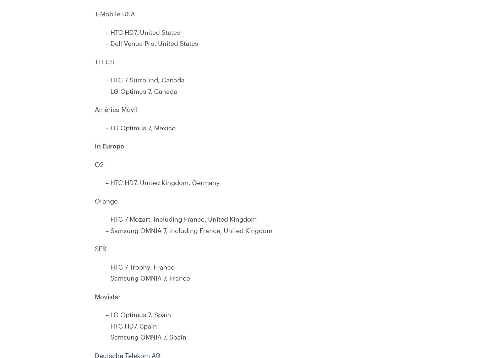  I want to click on '– HTC 7 Surround, Canada', so click(145, 80).